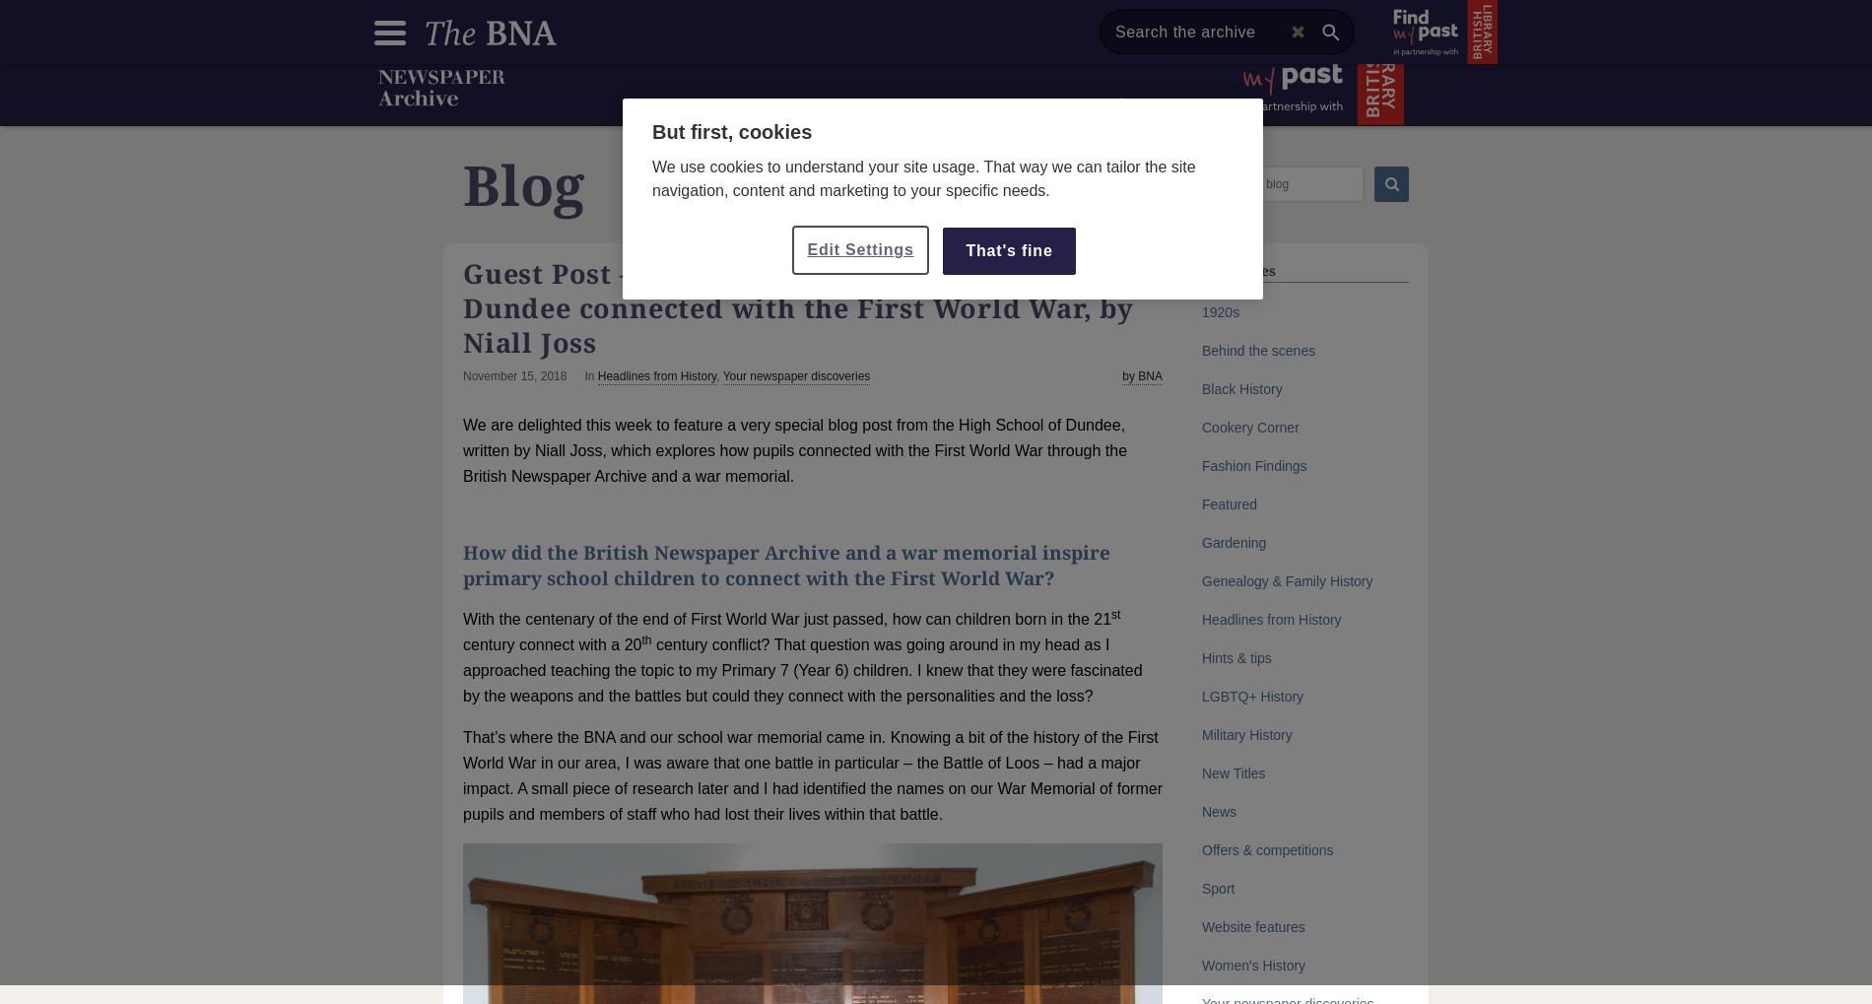 The width and height of the screenshot is (1872, 1004). Describe the element at coordinates (785, 619) in the screenshot. I see `'With the centenary of the end of First World War just passed, how can children born in the 21'` at that location.